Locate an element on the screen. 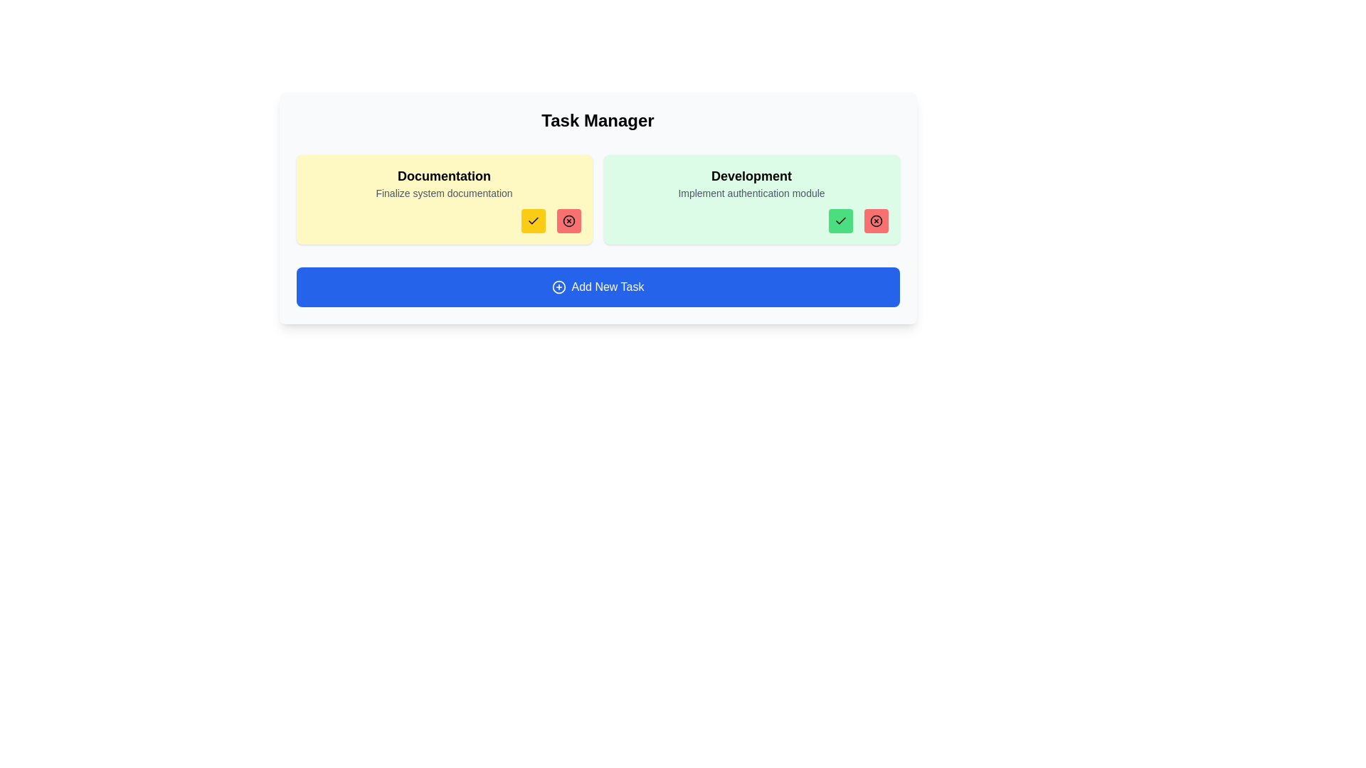 The width and height of the screenshot is (1366, 768). text from the Text Label located below the 'Development' label in the task management interface is located at coordinates (751, 193).